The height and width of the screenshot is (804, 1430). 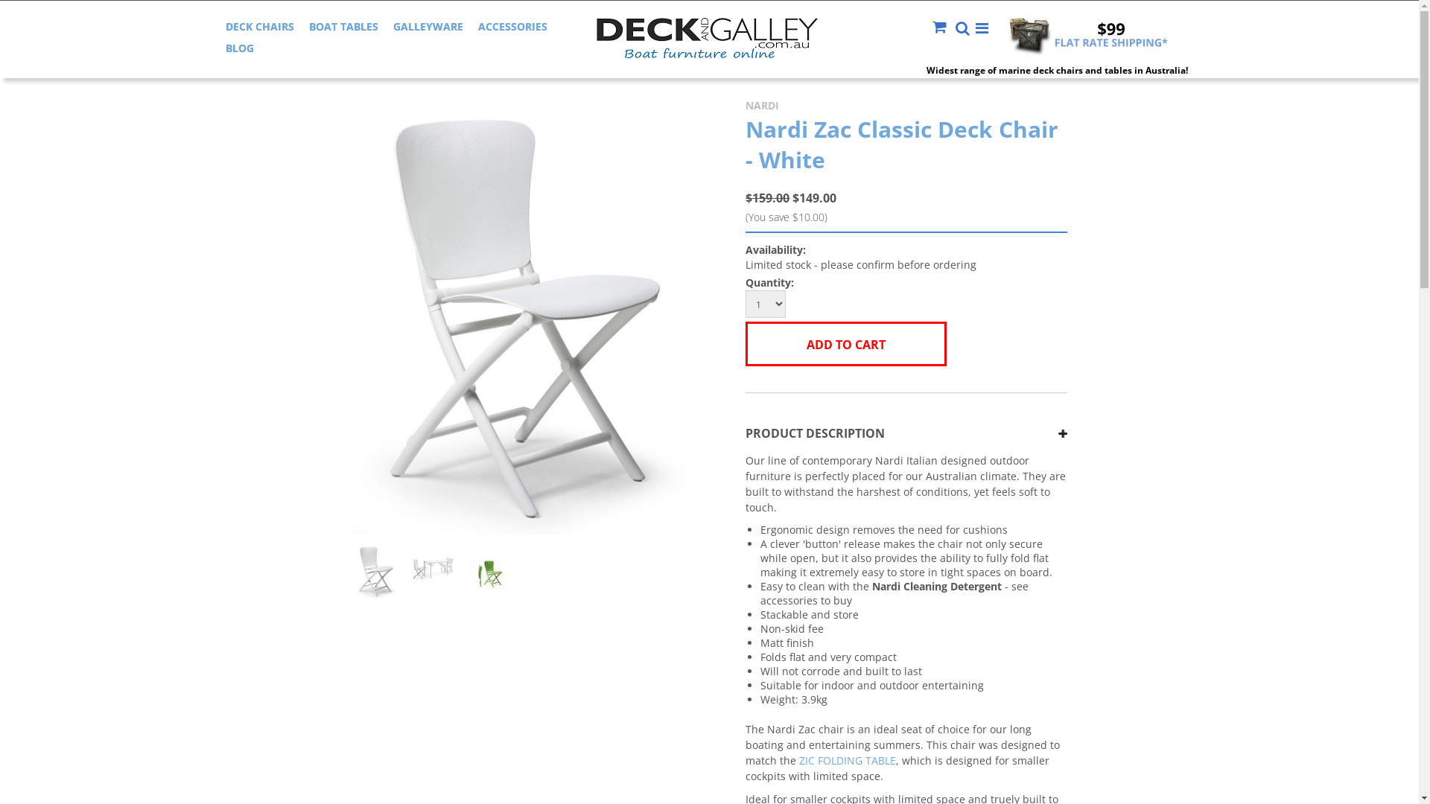 What do you see at coordinates (396, 70) in the screenshot?
I see `'Deck Chairs'` at bounding box center [396, 70].